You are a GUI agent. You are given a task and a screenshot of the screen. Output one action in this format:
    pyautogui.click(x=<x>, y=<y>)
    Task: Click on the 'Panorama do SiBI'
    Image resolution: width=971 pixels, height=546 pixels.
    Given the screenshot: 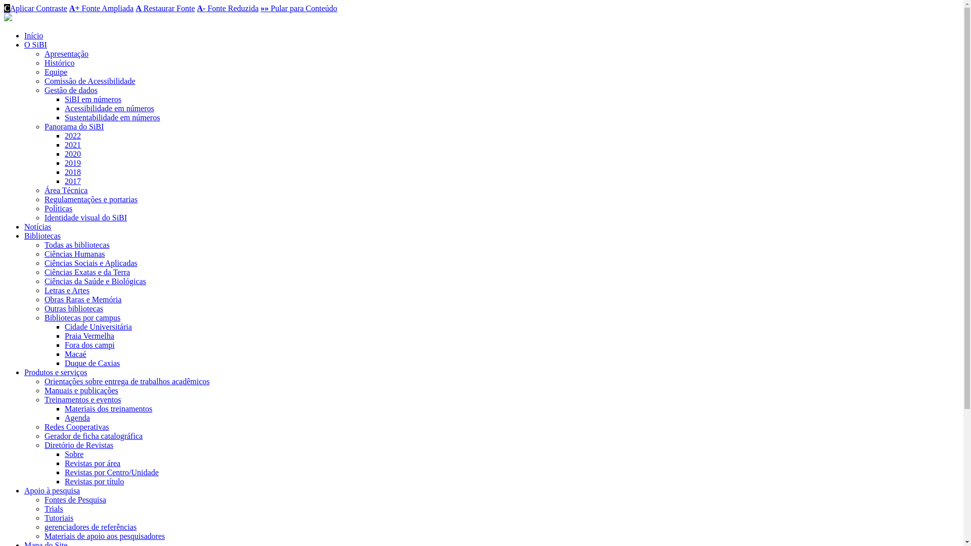 What is the action you would take?
    pyautogui.click(x=73, y=126)
    